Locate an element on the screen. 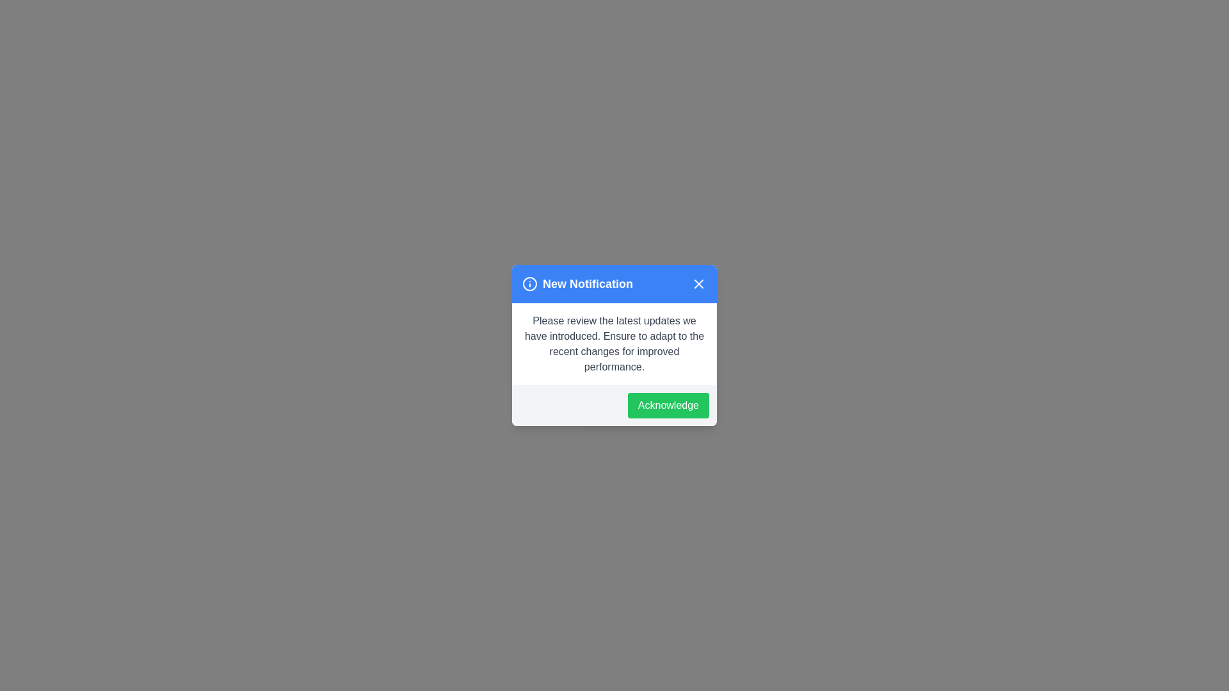  the title bar of the notification modal to focus on it is located at coordinates (614, 283).